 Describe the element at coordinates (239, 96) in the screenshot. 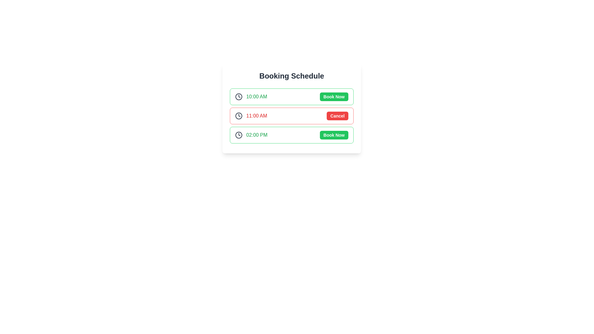

I see `the gray clock icon with a circular outline located to the left of the text '10:00 AM' in the first row of the booking schedule` at that location.